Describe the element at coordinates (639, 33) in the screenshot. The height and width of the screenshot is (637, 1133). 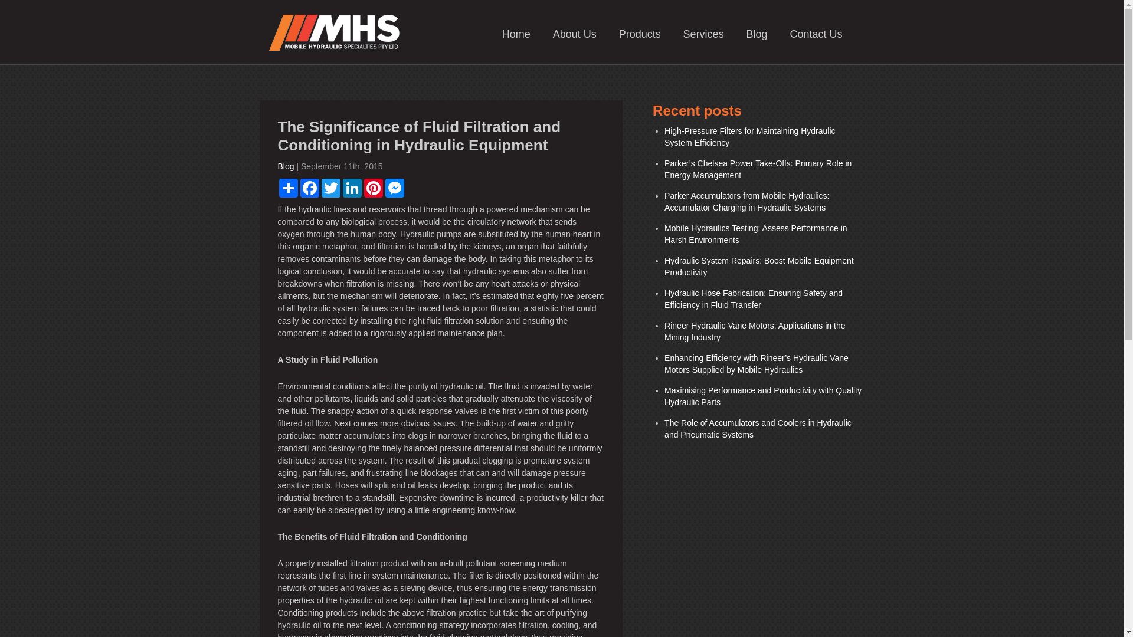
I see `'Products'` at that location.